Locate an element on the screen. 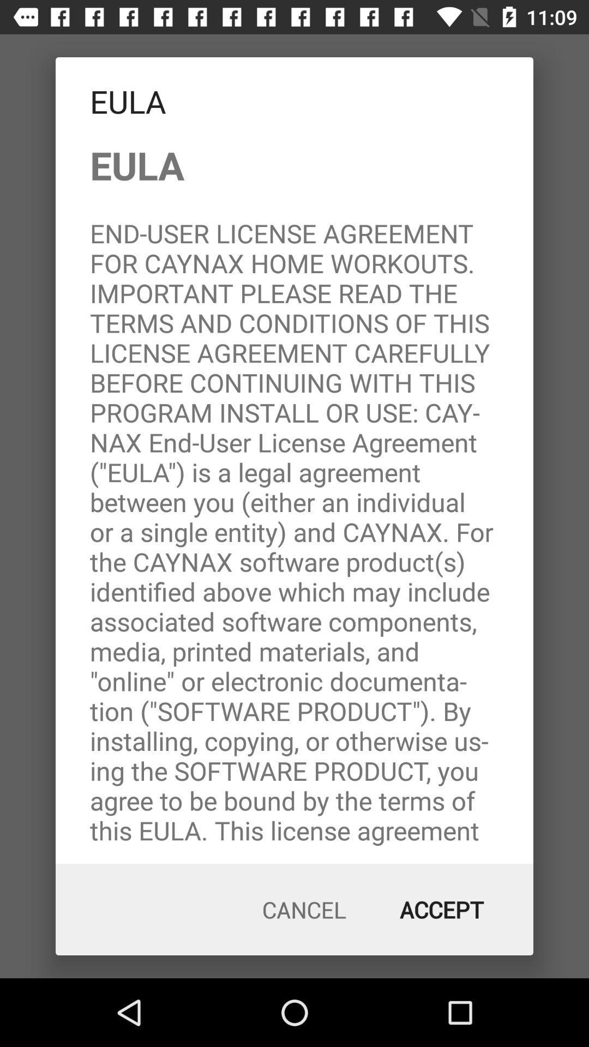 The height and width of the screenshot is (1047, 589). the app below eula end user item is located at coordinates (442, 910).